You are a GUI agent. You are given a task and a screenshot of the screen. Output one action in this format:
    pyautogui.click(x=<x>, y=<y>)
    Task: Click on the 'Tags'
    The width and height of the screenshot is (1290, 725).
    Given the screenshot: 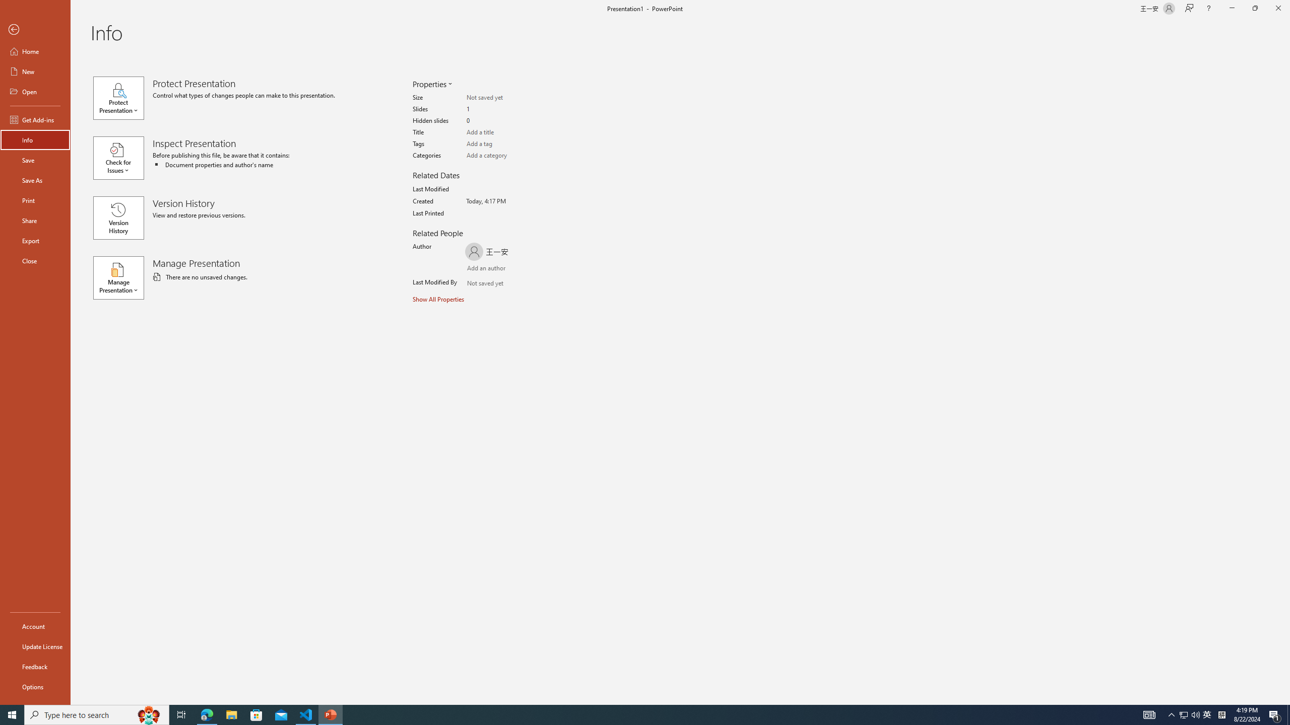 What is the action you would take?
    pyautogui.click(x=505, y=144)
    